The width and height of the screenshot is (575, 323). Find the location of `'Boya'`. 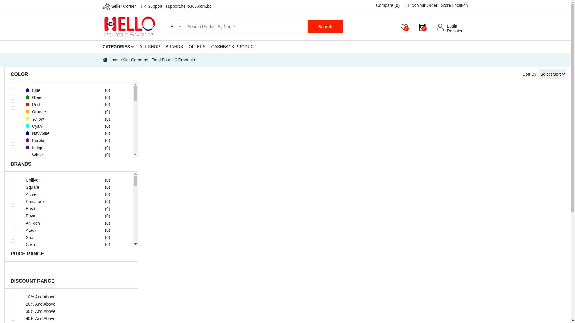

'Boya' is located at coordinates (17, 216).